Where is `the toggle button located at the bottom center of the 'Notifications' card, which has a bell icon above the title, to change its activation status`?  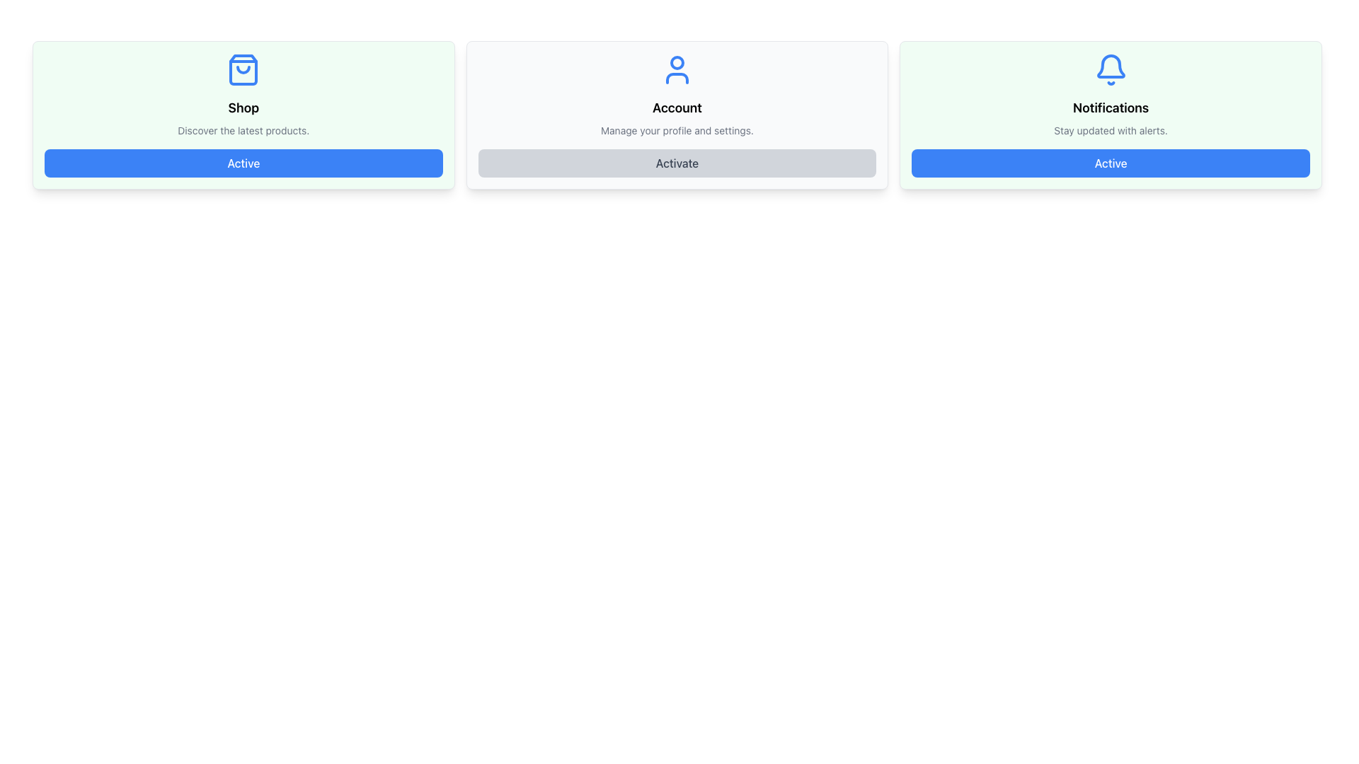
the toggle button located at the bottom center of the 'Notifications' card, which has a bell icon above the title, to change its activation status is located at coordinates (1110, 163).